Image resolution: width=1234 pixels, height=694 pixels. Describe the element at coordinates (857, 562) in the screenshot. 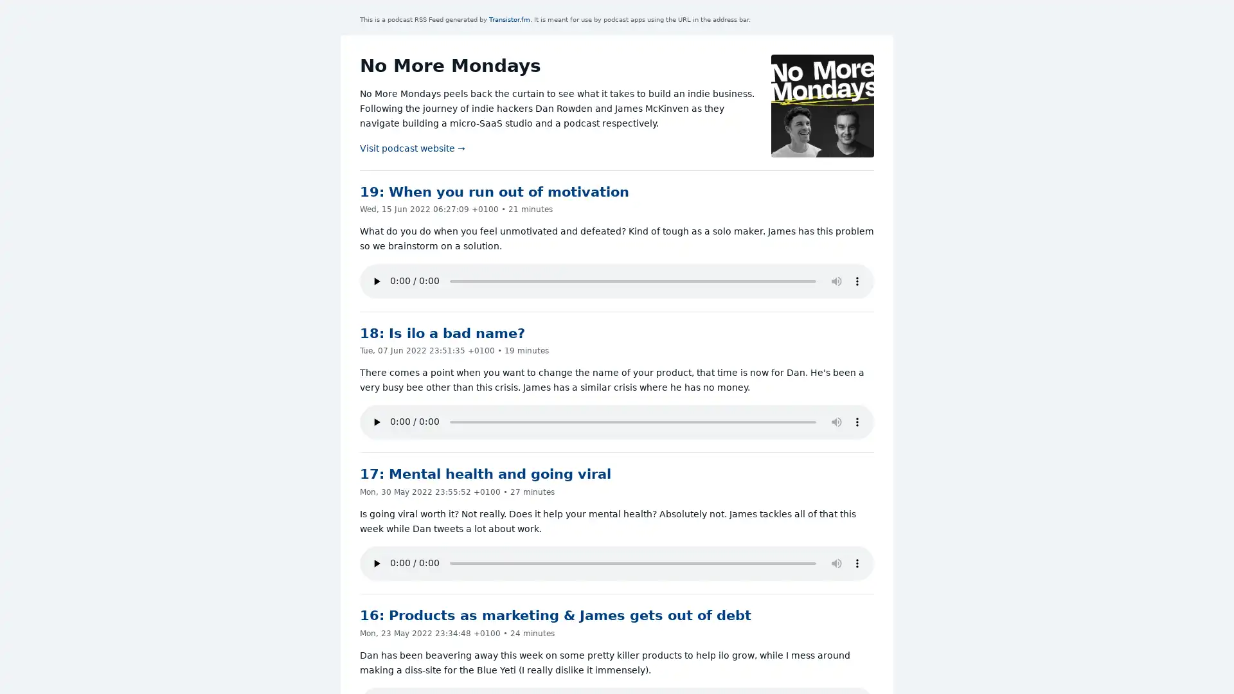

I see `show more media controls` at that location.